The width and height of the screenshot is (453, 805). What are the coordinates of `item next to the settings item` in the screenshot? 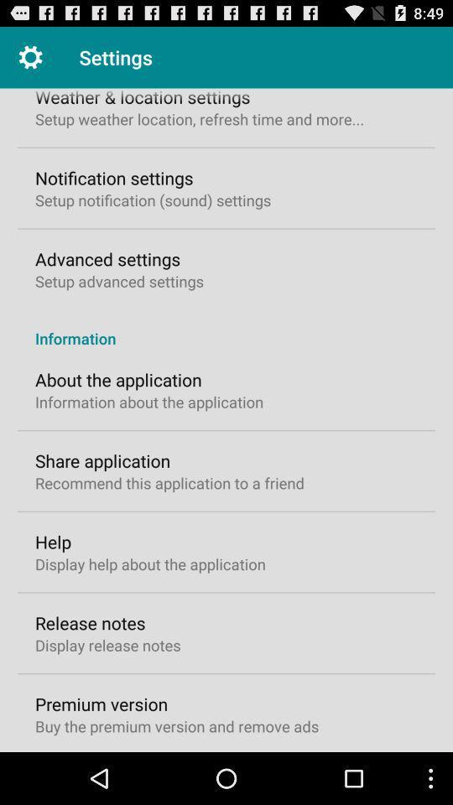 It's located at (30, 57).